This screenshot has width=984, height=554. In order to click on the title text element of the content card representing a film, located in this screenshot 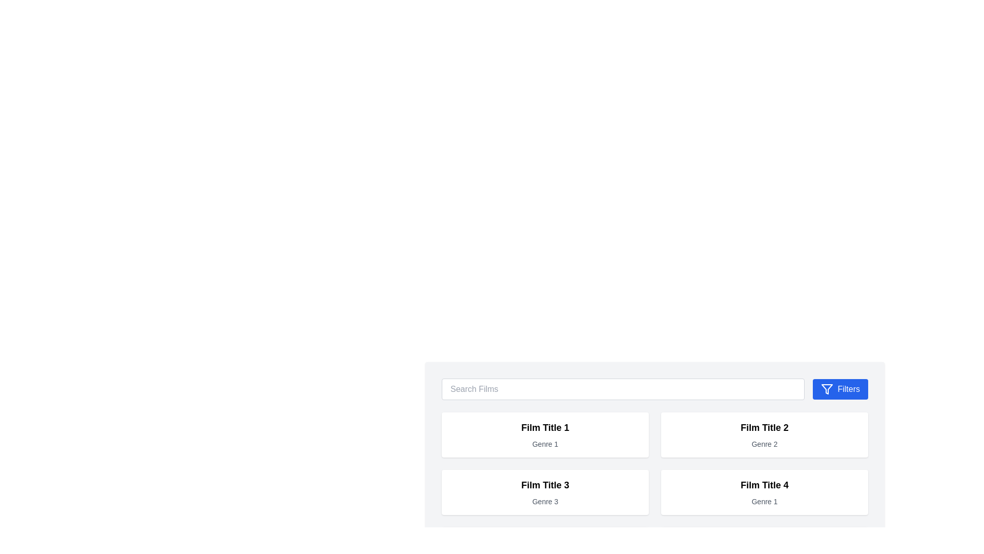, I will do `click(765, 485)`.